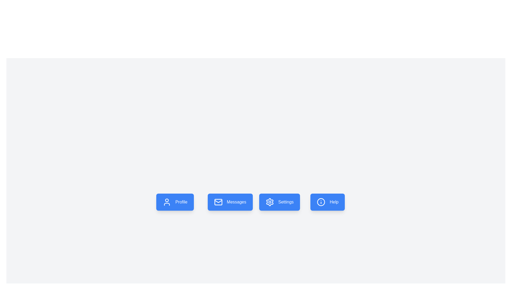  Describe the element at coordinates (218, 201) in the screenshot. I see `the envelope icon representing the 'Messages' button, which is styled with a thin outline and is part of a group of navigation icons` at that location.